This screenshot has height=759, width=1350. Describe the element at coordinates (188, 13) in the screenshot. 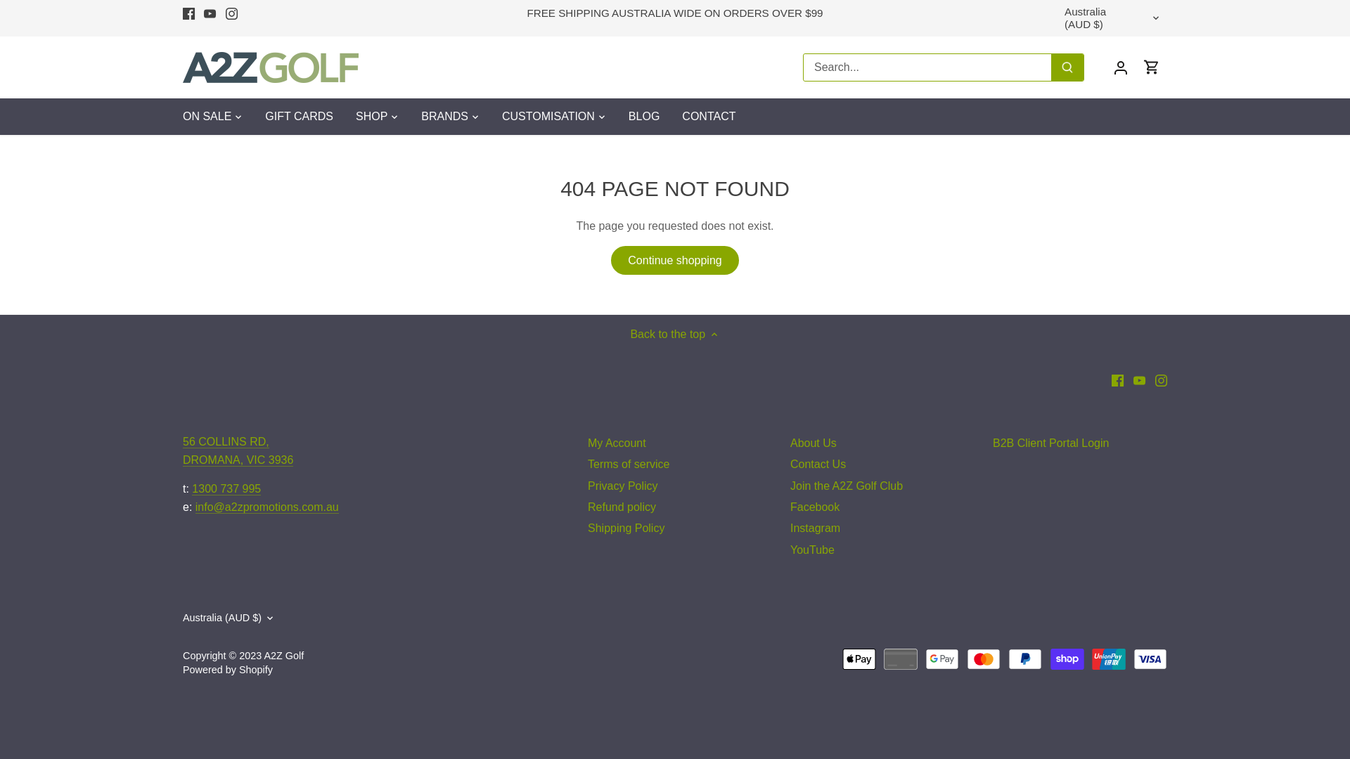

I see `'Facebook'` at that location.